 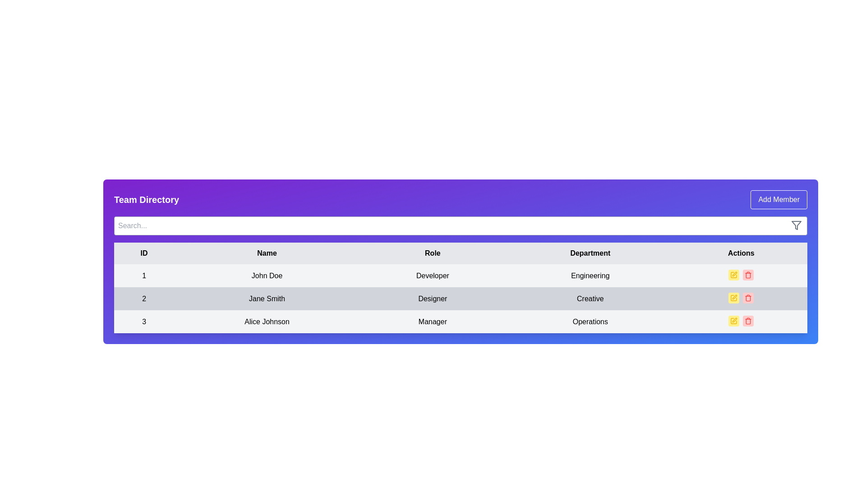 I want to click on the header label displaying the word 'ID', which is bold and part of the top row of a table, aligned to the left with a gray background, so click(x=143, y=253).